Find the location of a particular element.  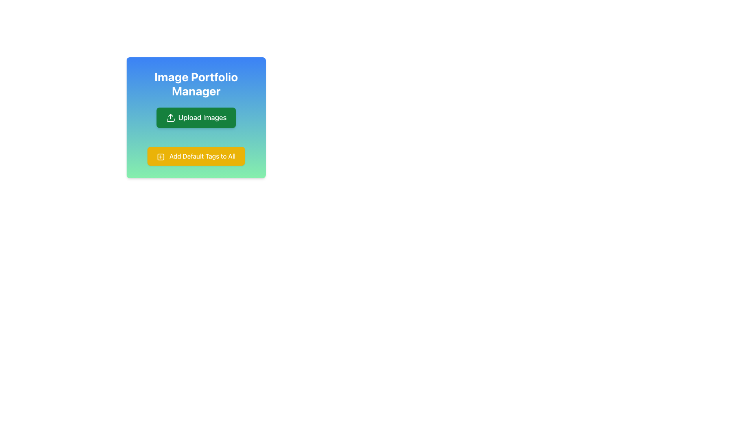

the image upload button located directly below the title 'Image Portfolio Manager' to observe the hover effects is located at coordinates (196, 118).